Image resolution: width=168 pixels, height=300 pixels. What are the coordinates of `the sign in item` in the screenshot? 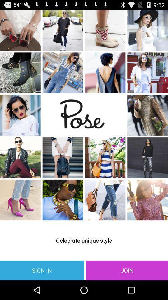 It's located at (42, 270).